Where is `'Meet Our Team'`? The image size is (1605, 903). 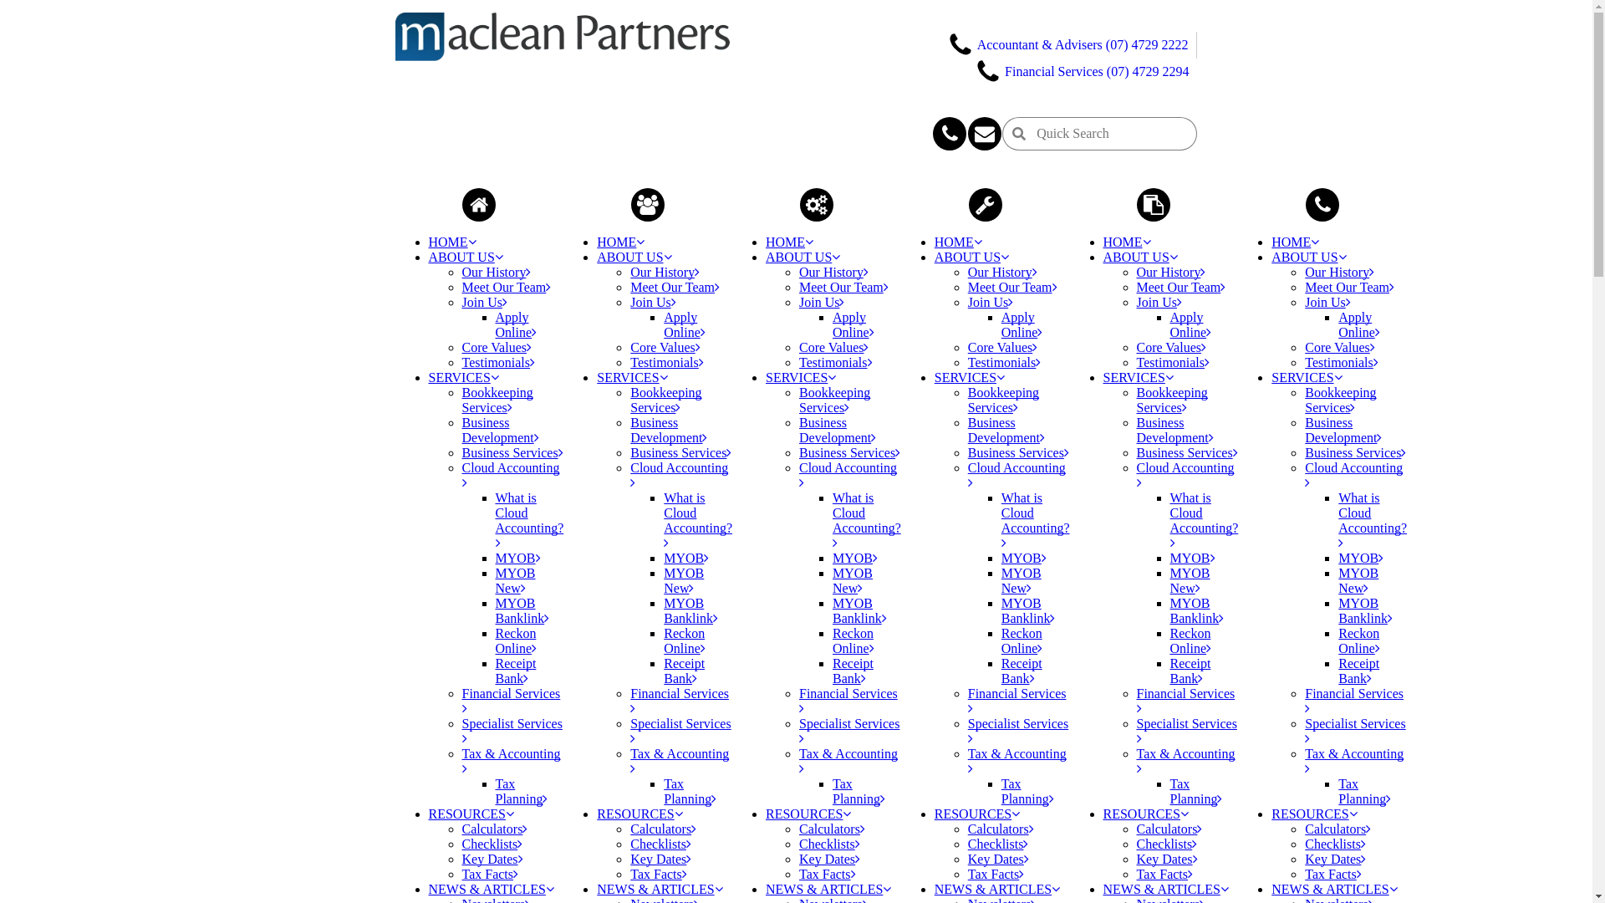 'Meet Our Team' is located at coordinates (505, 286).